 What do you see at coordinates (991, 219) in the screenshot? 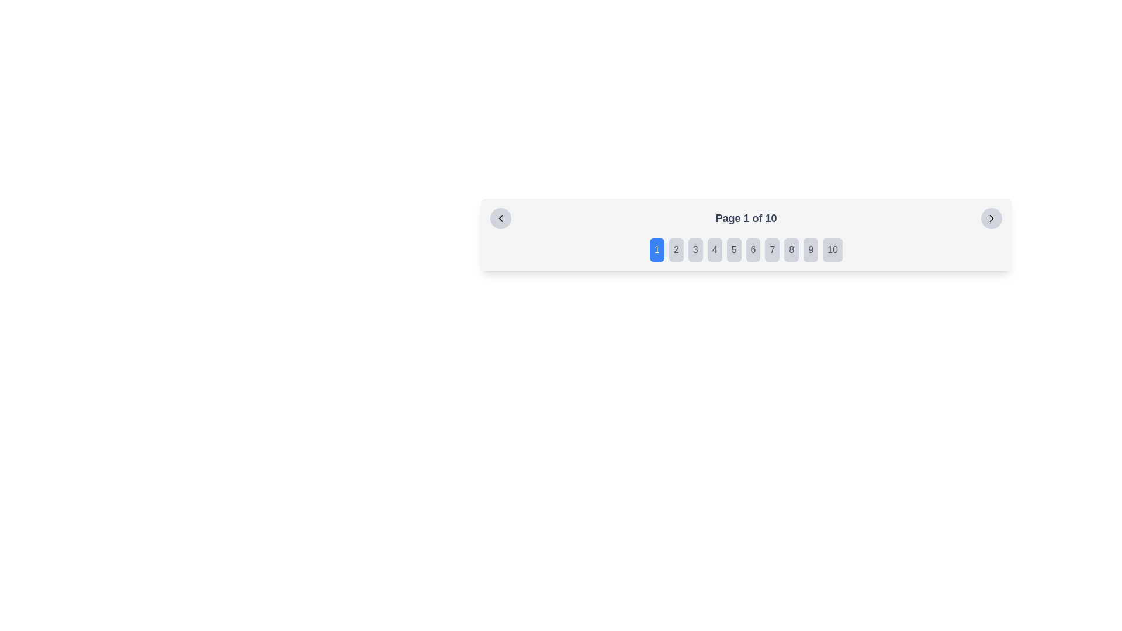
I see `the 'next' button located at the far right of the pagination controls` at bounding box center [991, 219].